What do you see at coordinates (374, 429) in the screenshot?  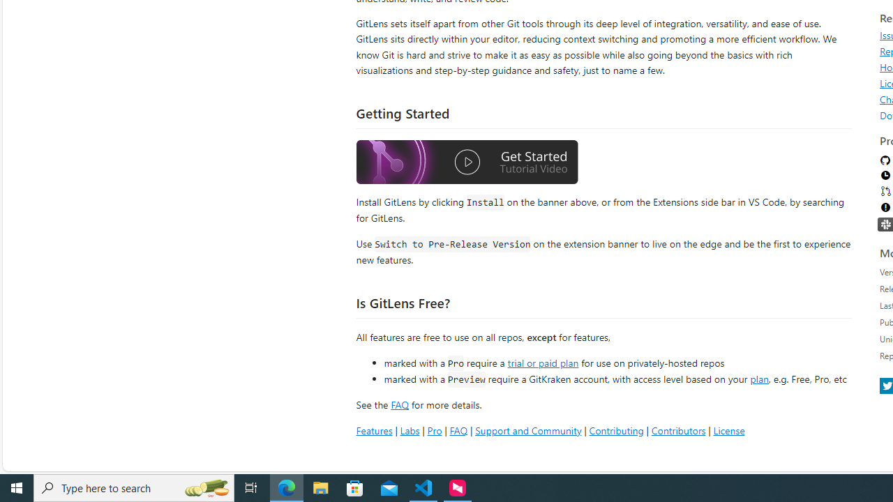 I see `'Features'` at bounding box center [374, 429].